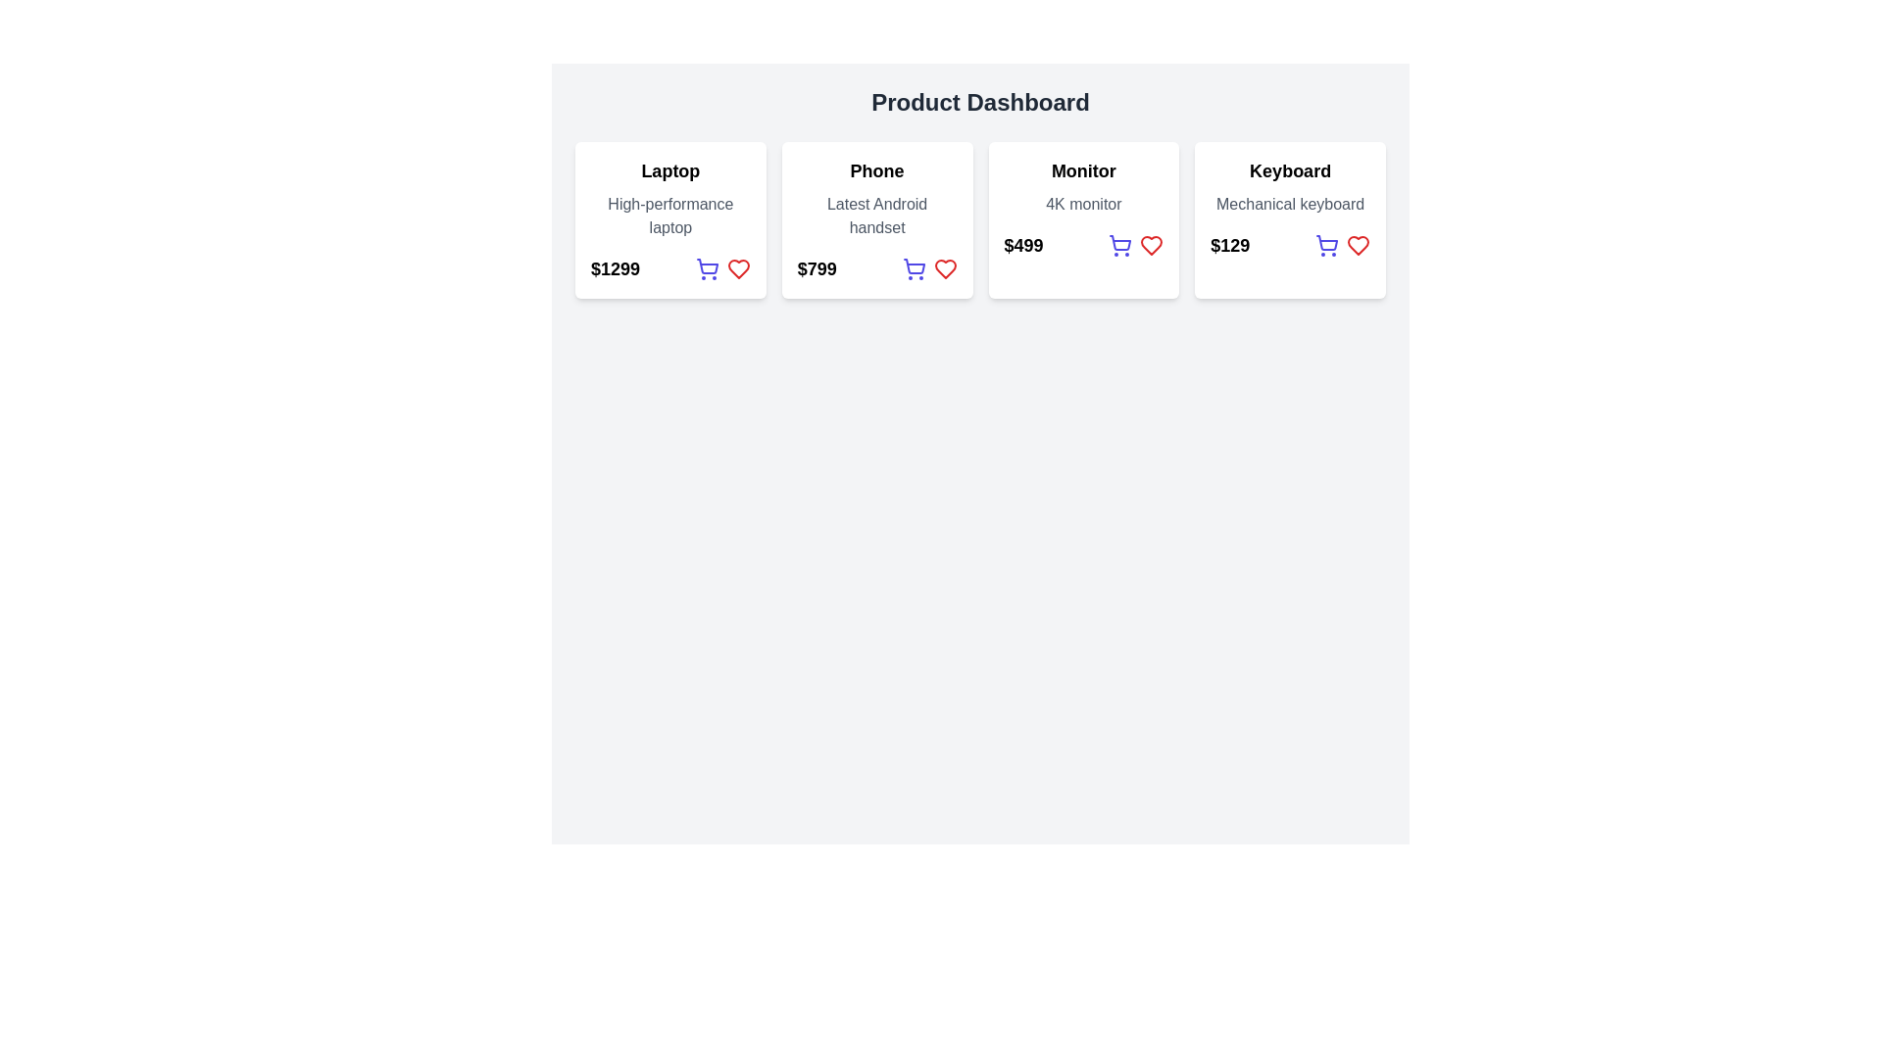 The width and height of the screenshot is (1882, 1058). Describe the element at coordinates (1120, 244) in the screenshot. I see `the shopping cart icon button located in the top-right corner of the 'Monitor' card` at that location.